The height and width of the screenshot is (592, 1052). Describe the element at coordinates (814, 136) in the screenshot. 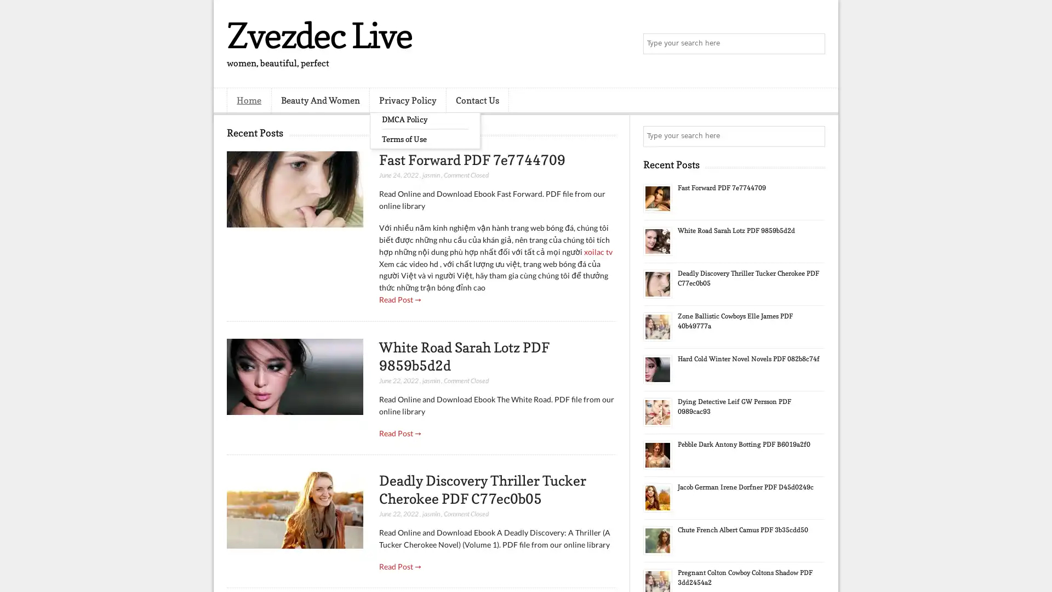

I see `Search` at that location.